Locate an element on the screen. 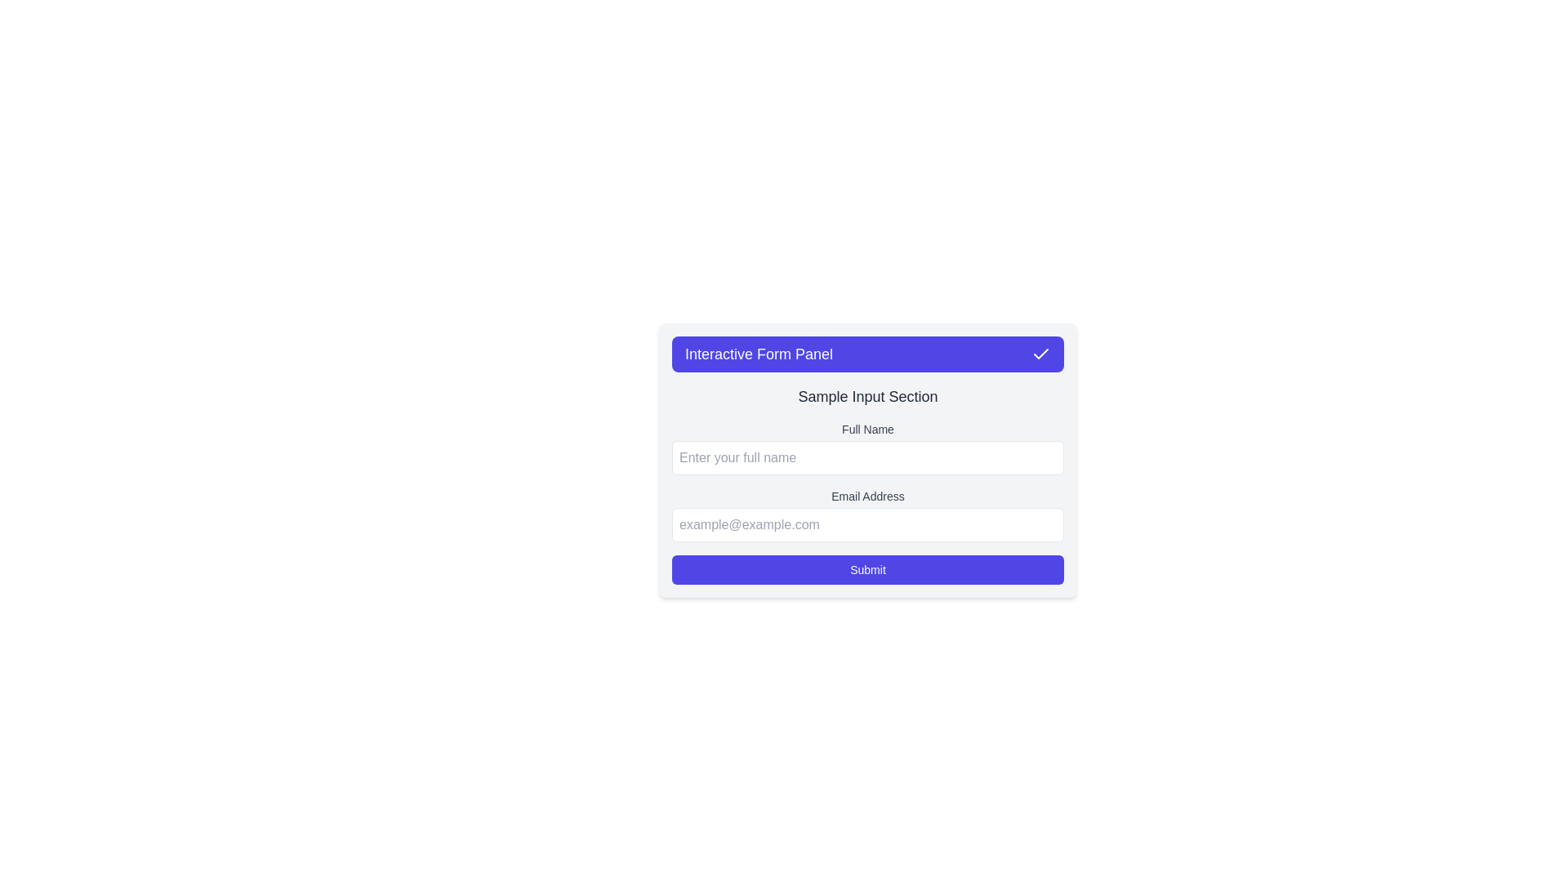 The image size is (1568, 882). the small vector graphic checkmark located in the top-right corner of the 'Interactive Form Panel' header section is located at coordinates (1040, 353).